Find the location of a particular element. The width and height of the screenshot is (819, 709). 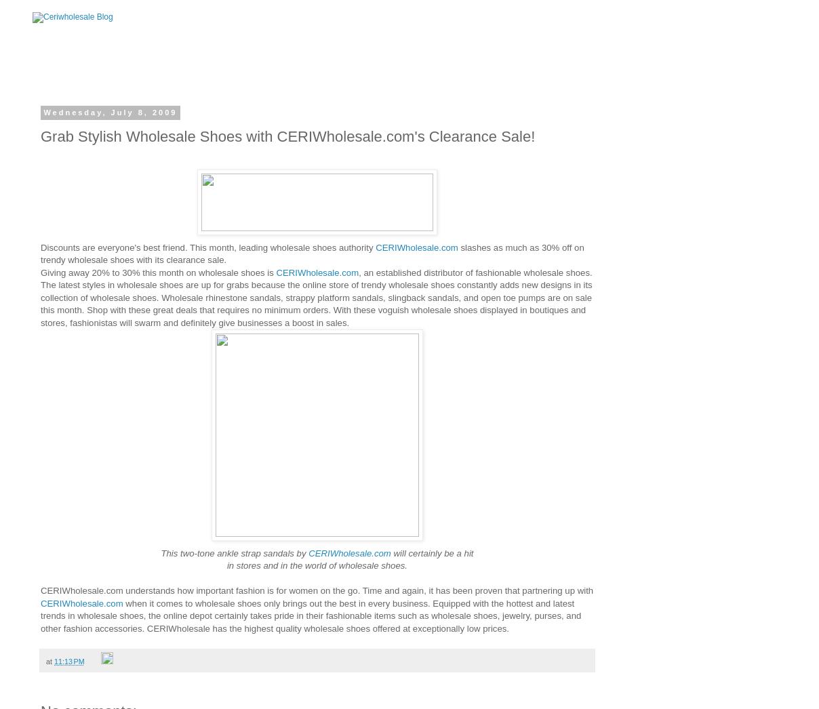

'will certainly be a hit' is located at coordinates (431, 553).